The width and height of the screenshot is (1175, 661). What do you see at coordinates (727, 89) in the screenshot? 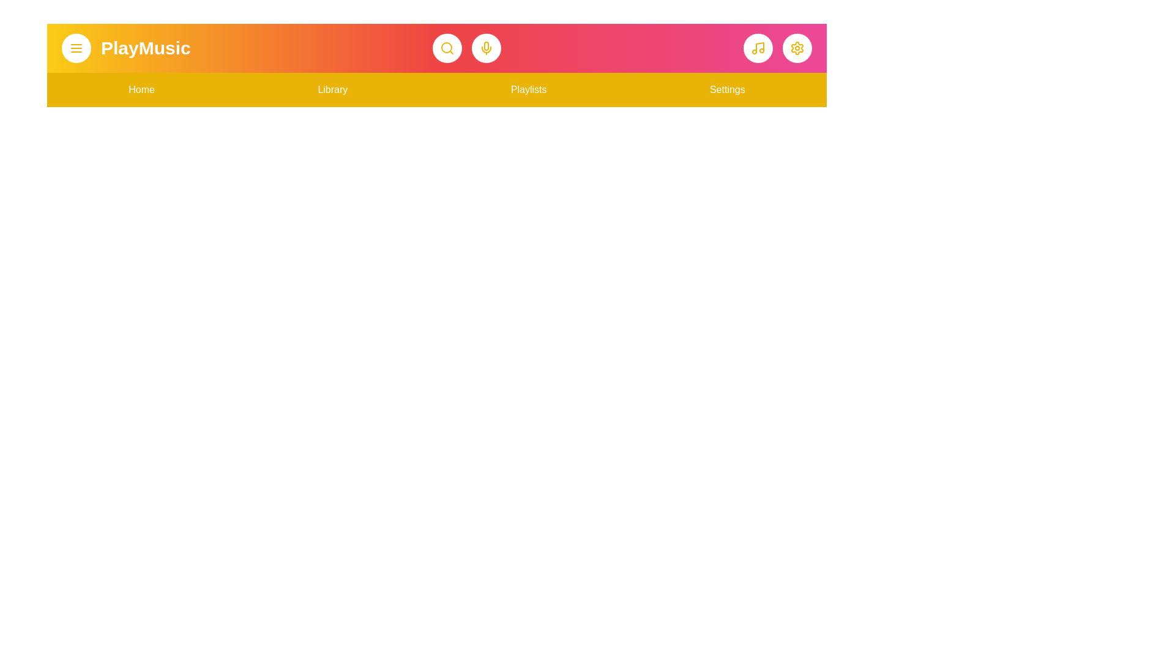
I see `the menu item to navigate to Settings` at bounding box center [727, 89].